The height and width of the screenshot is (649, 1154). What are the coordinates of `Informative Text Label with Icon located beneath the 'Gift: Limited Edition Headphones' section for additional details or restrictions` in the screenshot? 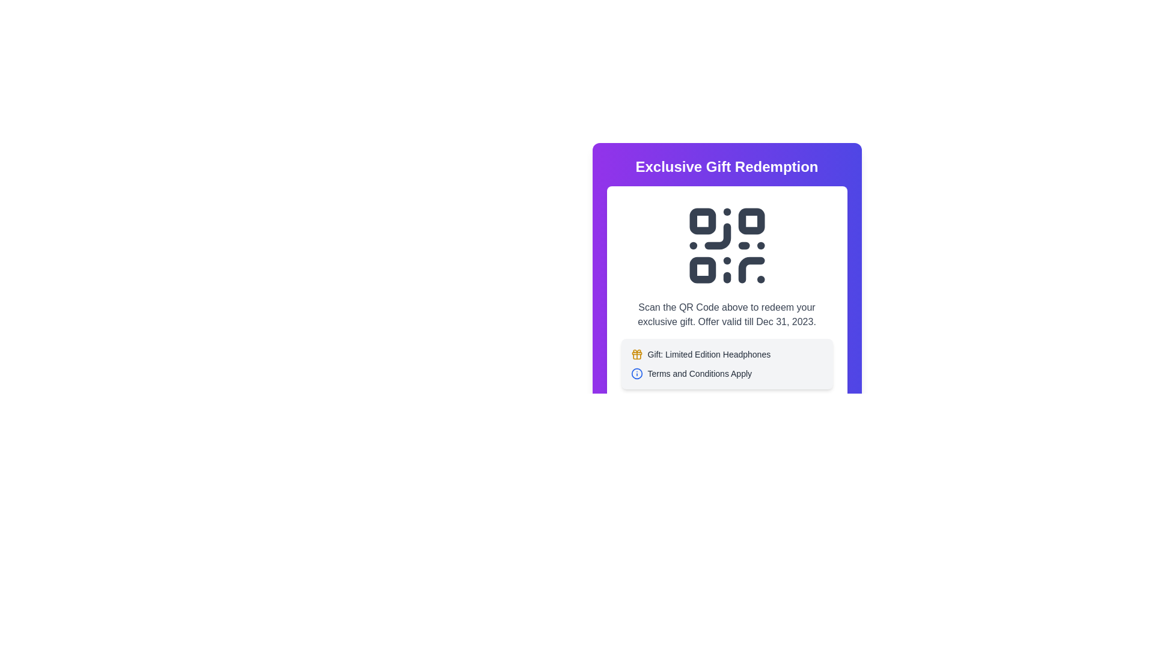 It's located at (726, 373).